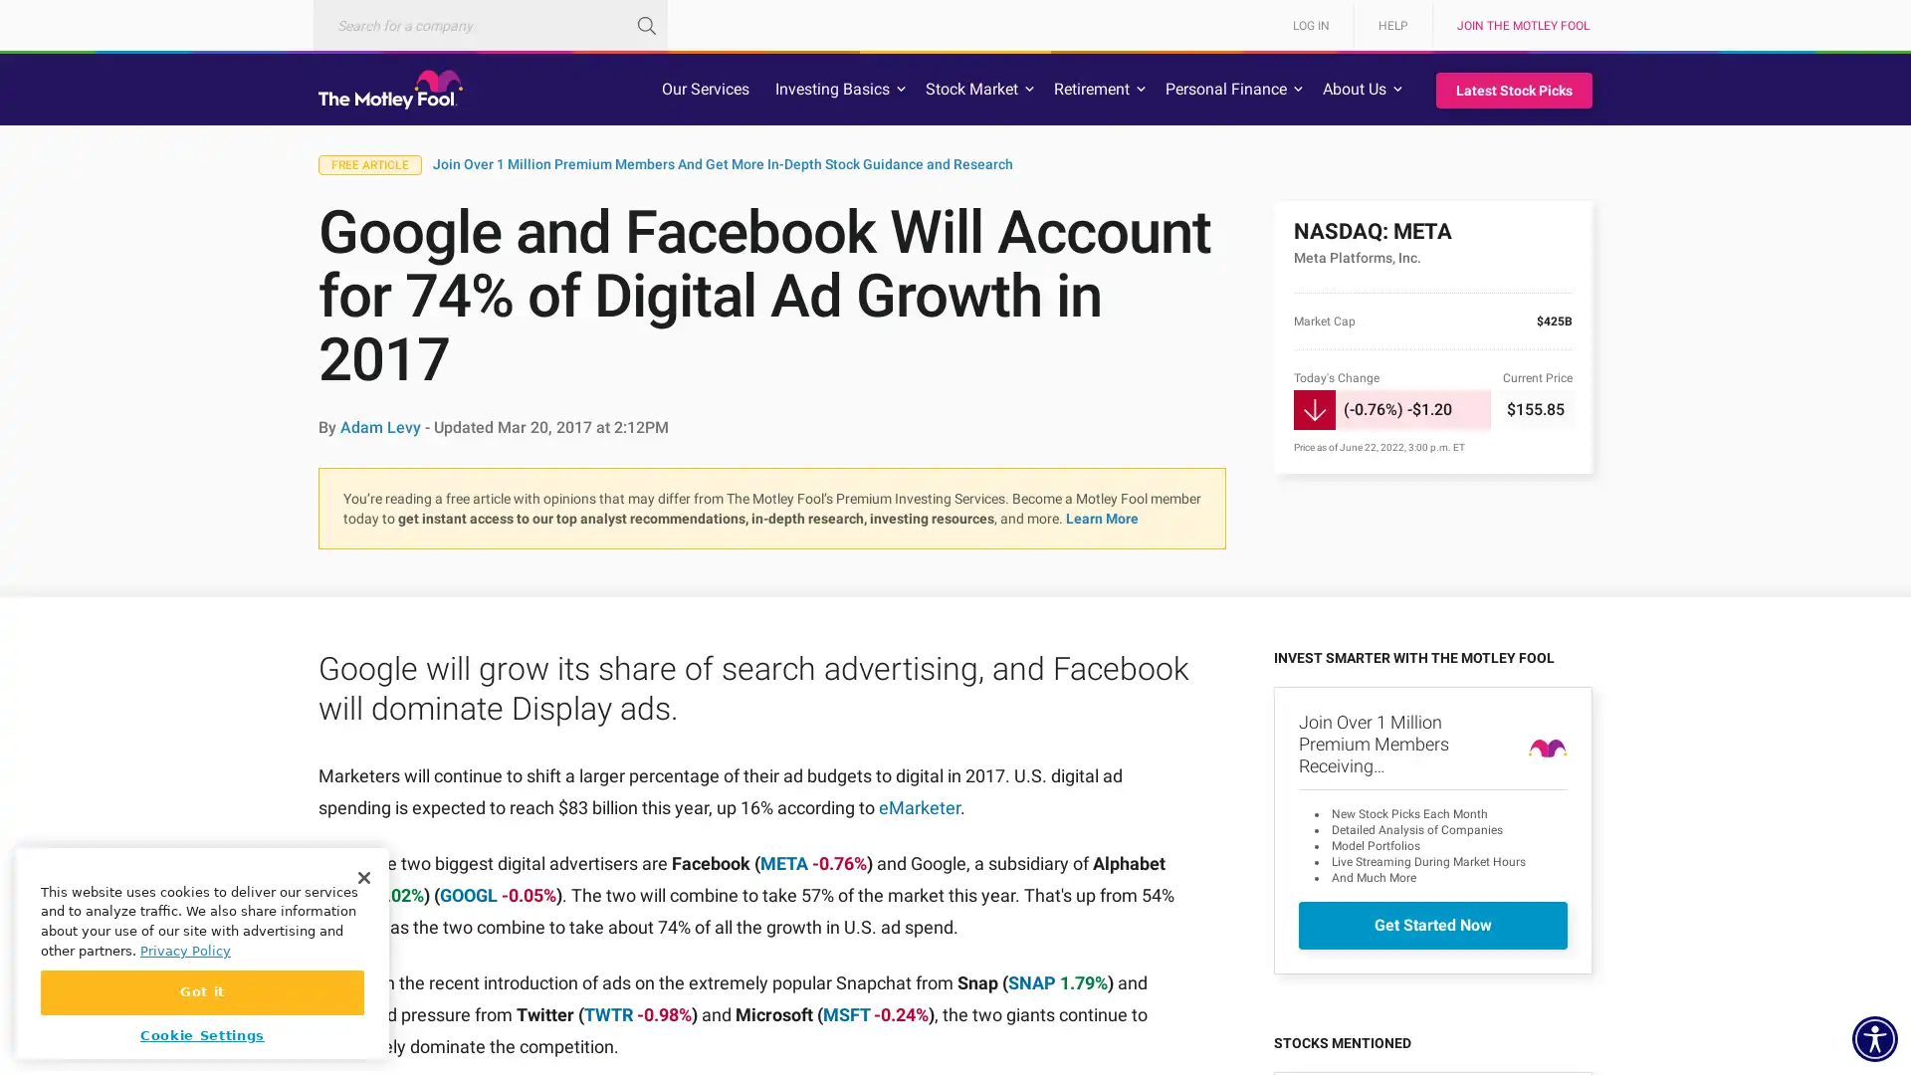 The width and height of the screenshot is (1911, 1075). I want to click on Investing Basics, so click(832, 88).